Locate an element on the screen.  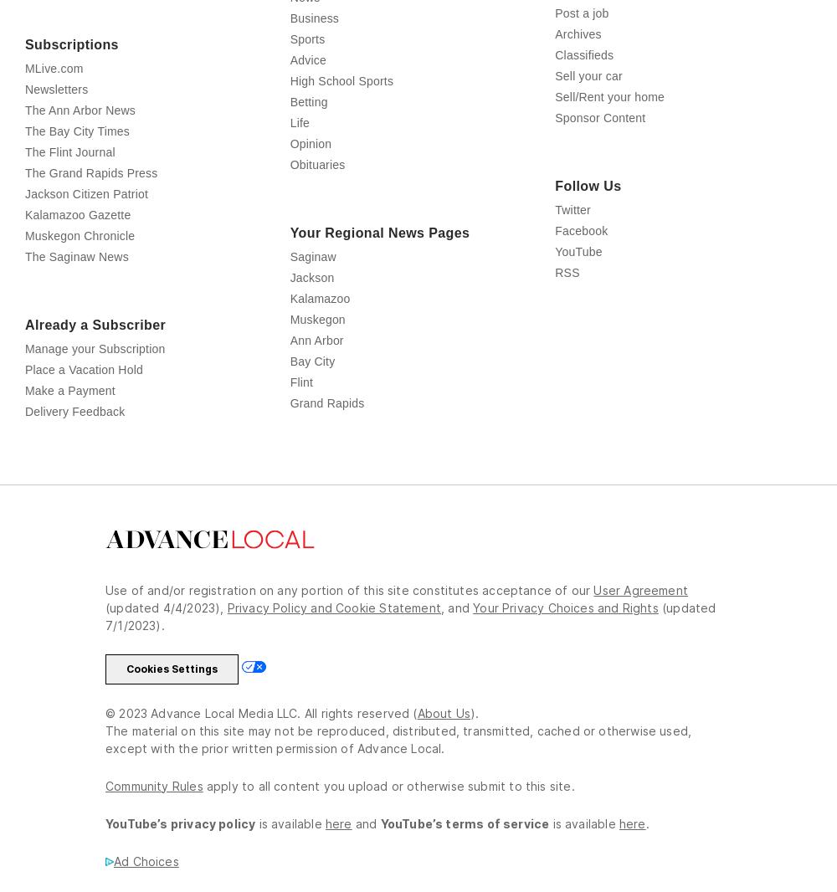
'Follow Us' is located at coordinates (587, 259).